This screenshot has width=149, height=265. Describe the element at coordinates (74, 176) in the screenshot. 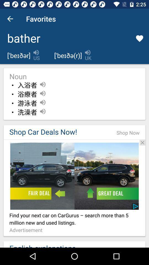

I see `open advertisement` at that location.